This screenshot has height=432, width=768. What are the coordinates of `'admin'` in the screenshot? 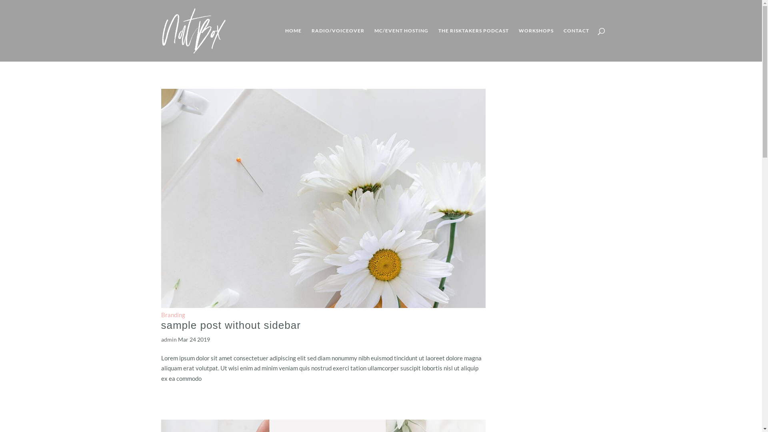 It's located at (168, 339).